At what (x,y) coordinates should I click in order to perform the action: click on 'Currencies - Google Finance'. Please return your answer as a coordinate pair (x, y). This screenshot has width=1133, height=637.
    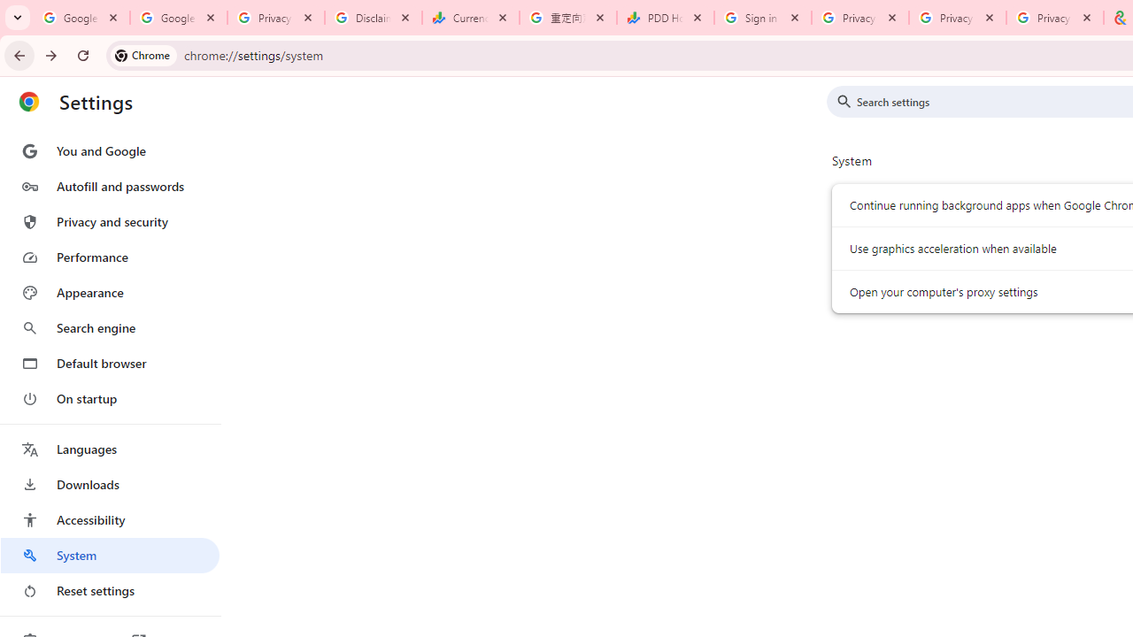
    Looking at the image, I should click on (471, 18).